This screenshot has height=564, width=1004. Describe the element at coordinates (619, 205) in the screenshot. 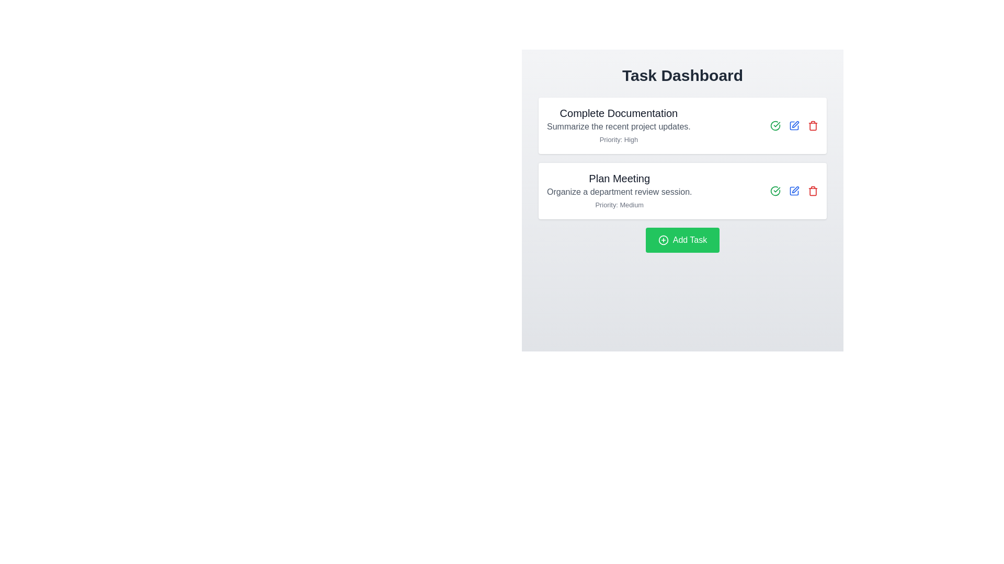

I see `the label displaying the text 'Priority: Medium', which is styled with a subdued gray color and positioned below the task description in the 'Plan Meeting' card` at that location.